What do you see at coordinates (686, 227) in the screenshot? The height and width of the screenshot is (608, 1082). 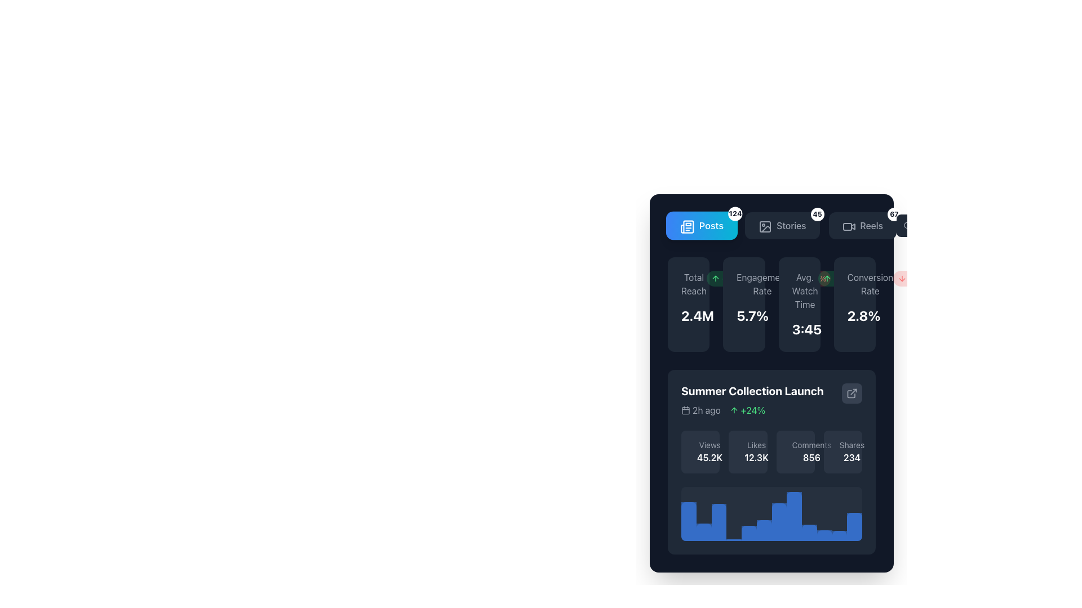 I see `the 'Posts' icon button located at the top-left of the navigation bar` at bounding box center [686, 227].